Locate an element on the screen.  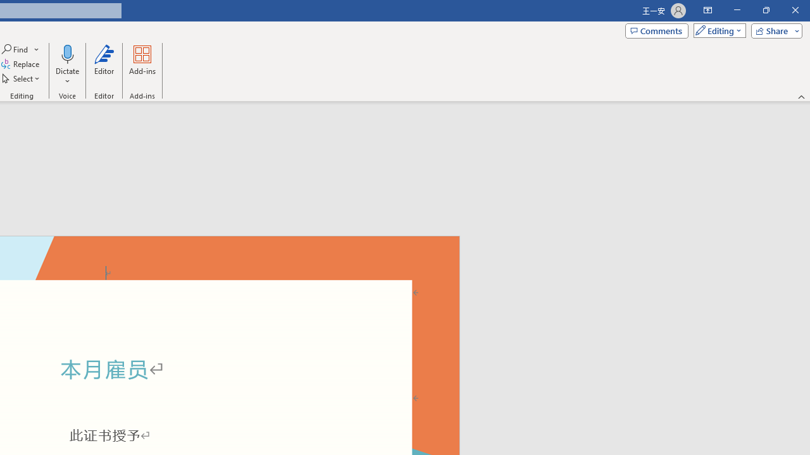
'Editor' is located at coordinates (104, 65).